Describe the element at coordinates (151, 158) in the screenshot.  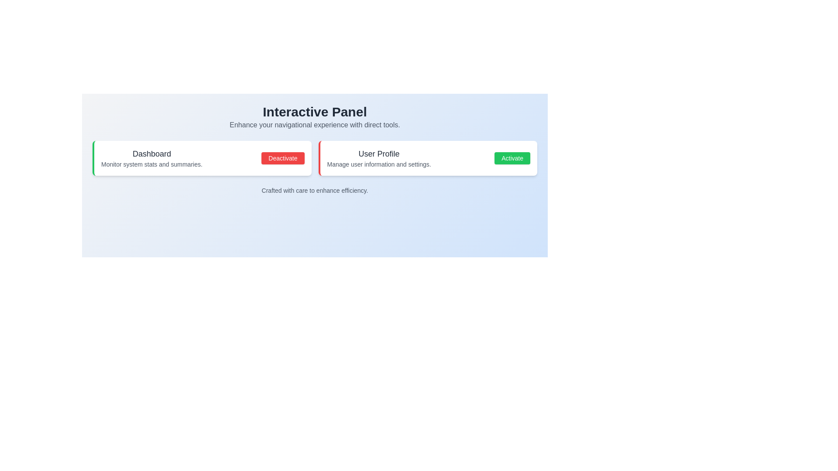
I see `textual description element located on the left side of the layout, which serves as an introductory text for monitoring system statistics, preceding the red 'Deactivate' button` at that location.